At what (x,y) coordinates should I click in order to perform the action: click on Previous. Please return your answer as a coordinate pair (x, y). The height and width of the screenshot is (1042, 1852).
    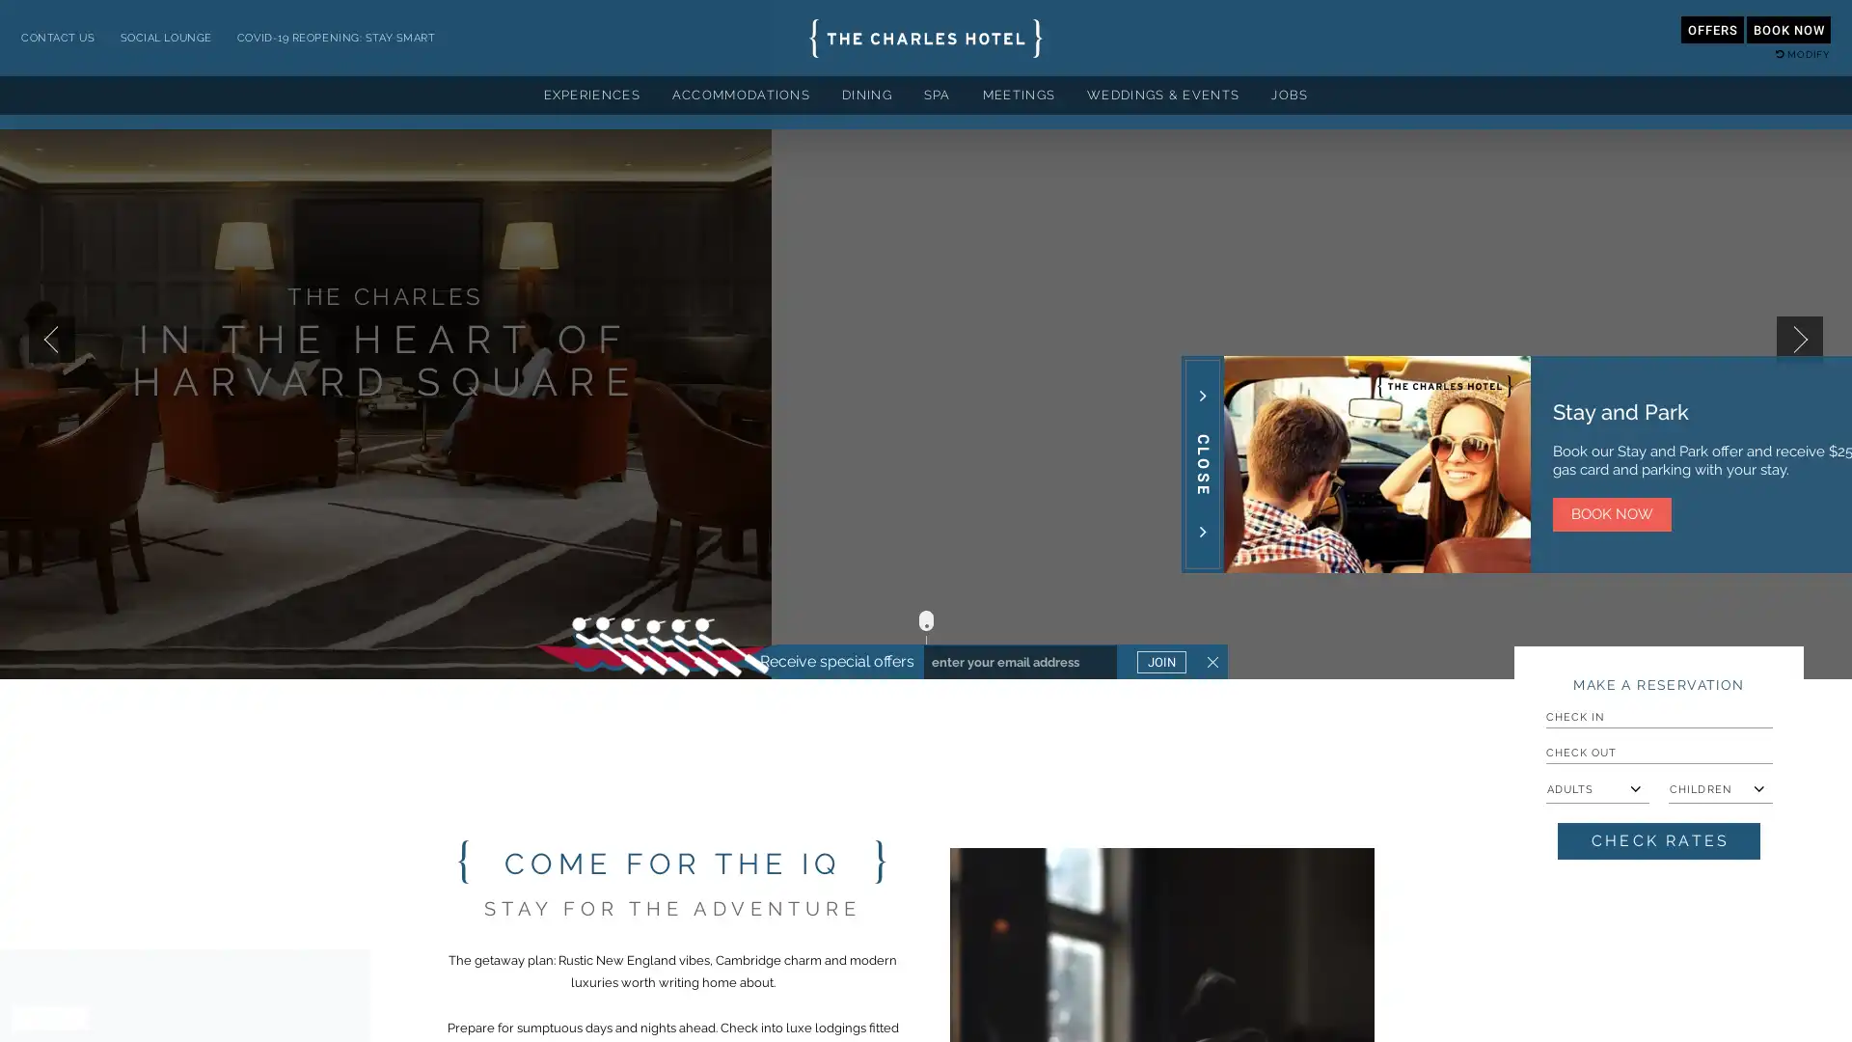
    Looking at the image, I should click on (51, 338).